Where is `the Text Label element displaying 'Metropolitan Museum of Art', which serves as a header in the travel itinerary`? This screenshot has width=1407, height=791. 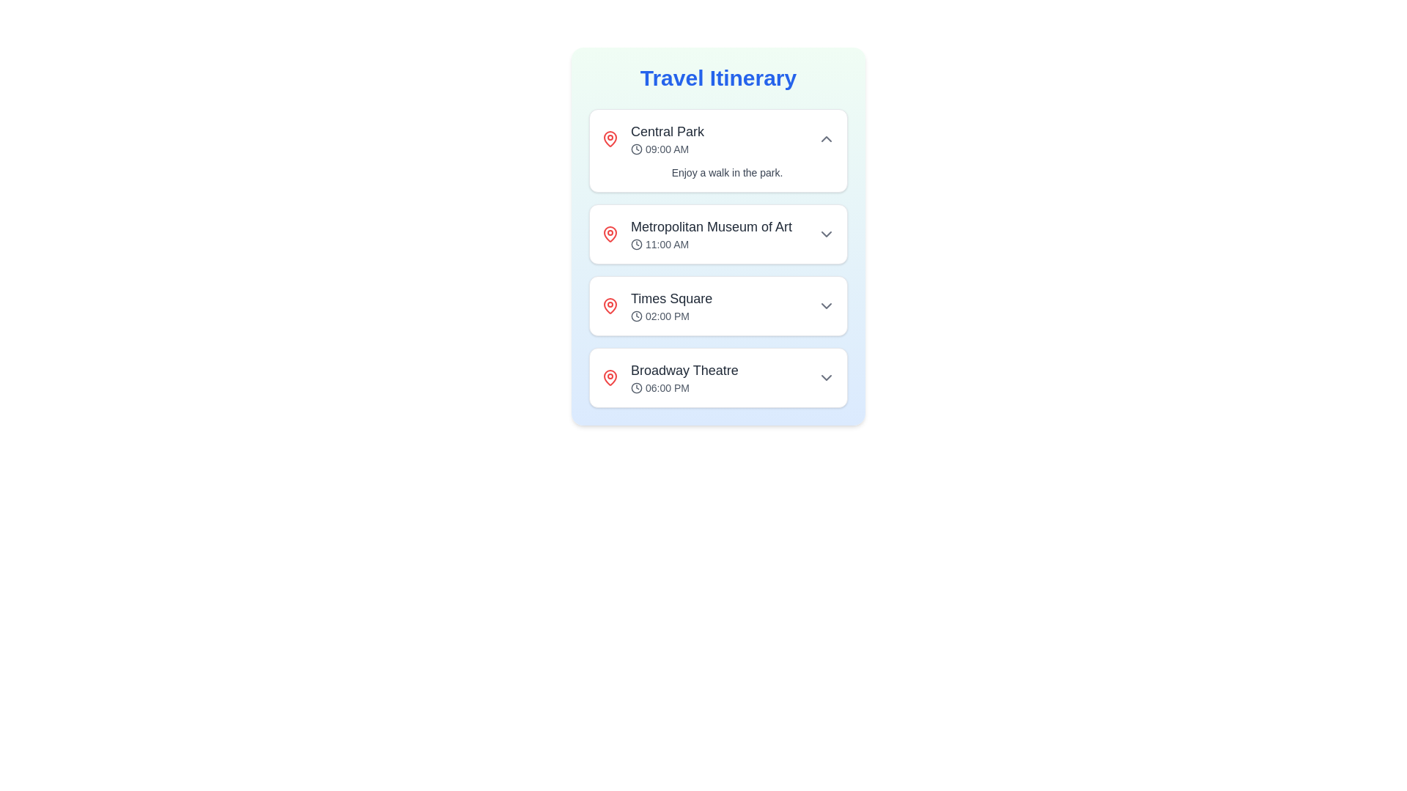
the Text Label element displaying 'Metropolitan Museum of Art', which serves as a header in the travel itinerary is located at coordinates (712, 226).